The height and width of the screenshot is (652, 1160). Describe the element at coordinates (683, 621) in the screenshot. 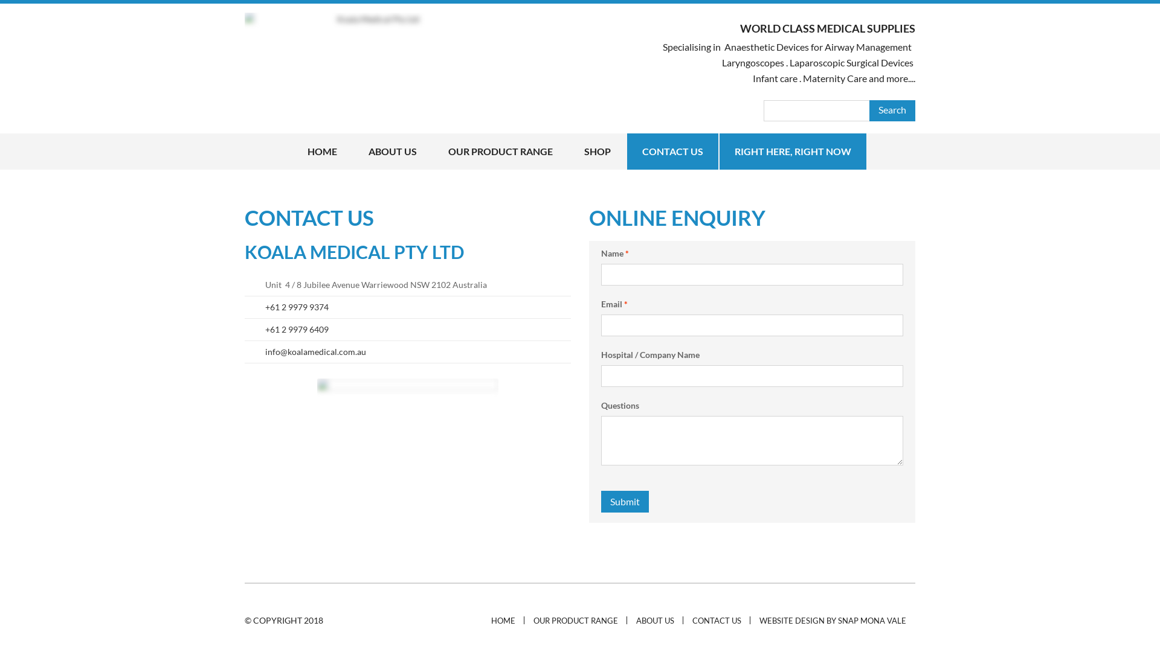

I see `'CONTACT US'` at that location.